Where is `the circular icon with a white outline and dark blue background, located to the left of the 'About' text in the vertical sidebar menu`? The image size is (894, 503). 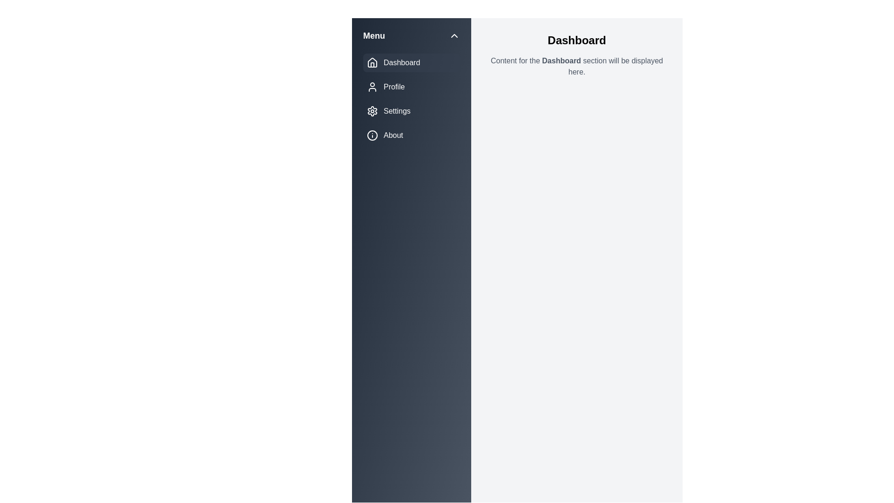
the circular icon with a white outline and dark blue background, located to the left of the 'About' text in the vertical sidebar menu is located at coordinates (372, 135).